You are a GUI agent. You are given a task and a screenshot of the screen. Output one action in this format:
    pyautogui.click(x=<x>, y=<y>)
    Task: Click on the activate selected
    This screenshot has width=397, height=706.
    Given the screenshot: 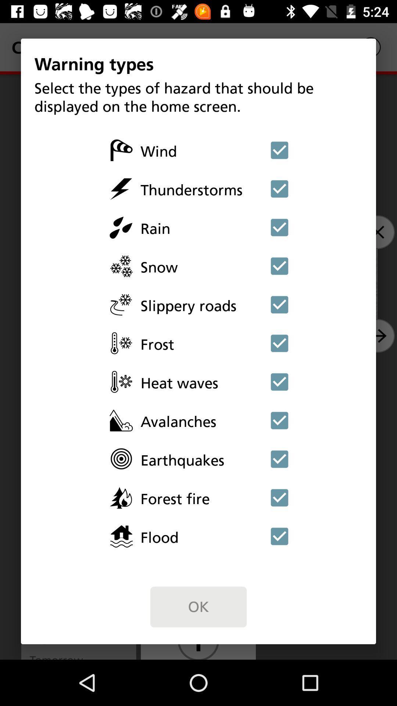 What is the action you would take?
    pyautogui.click(x=279, y=343)
    